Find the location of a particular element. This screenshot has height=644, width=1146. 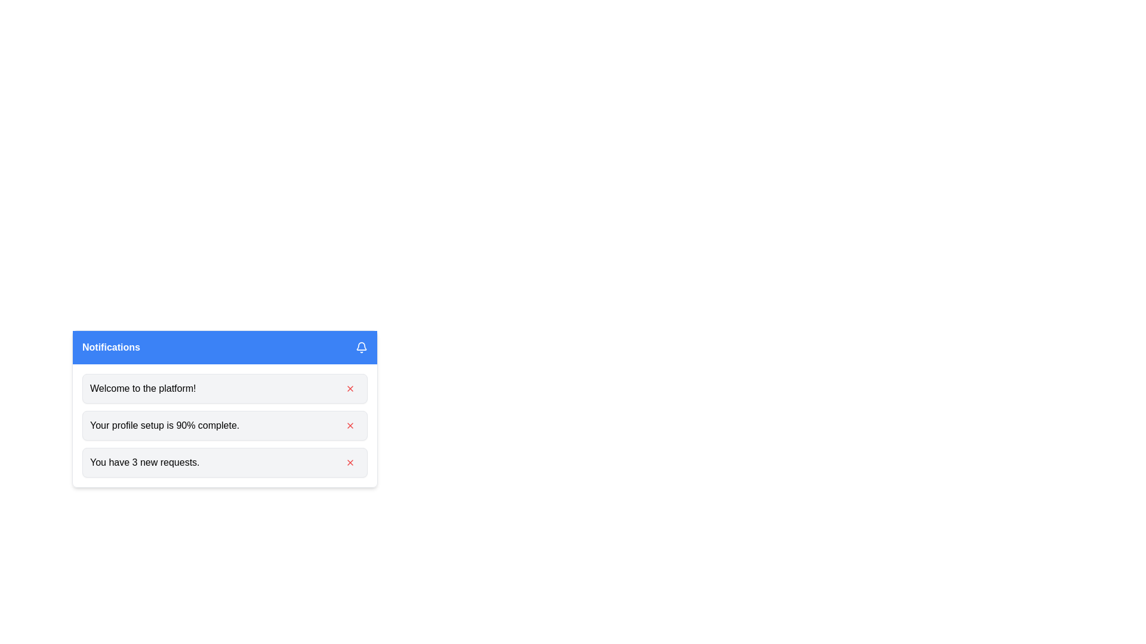

the dismiss button located in the top-right corner of the second notification item is located at coordinates (349, 425).